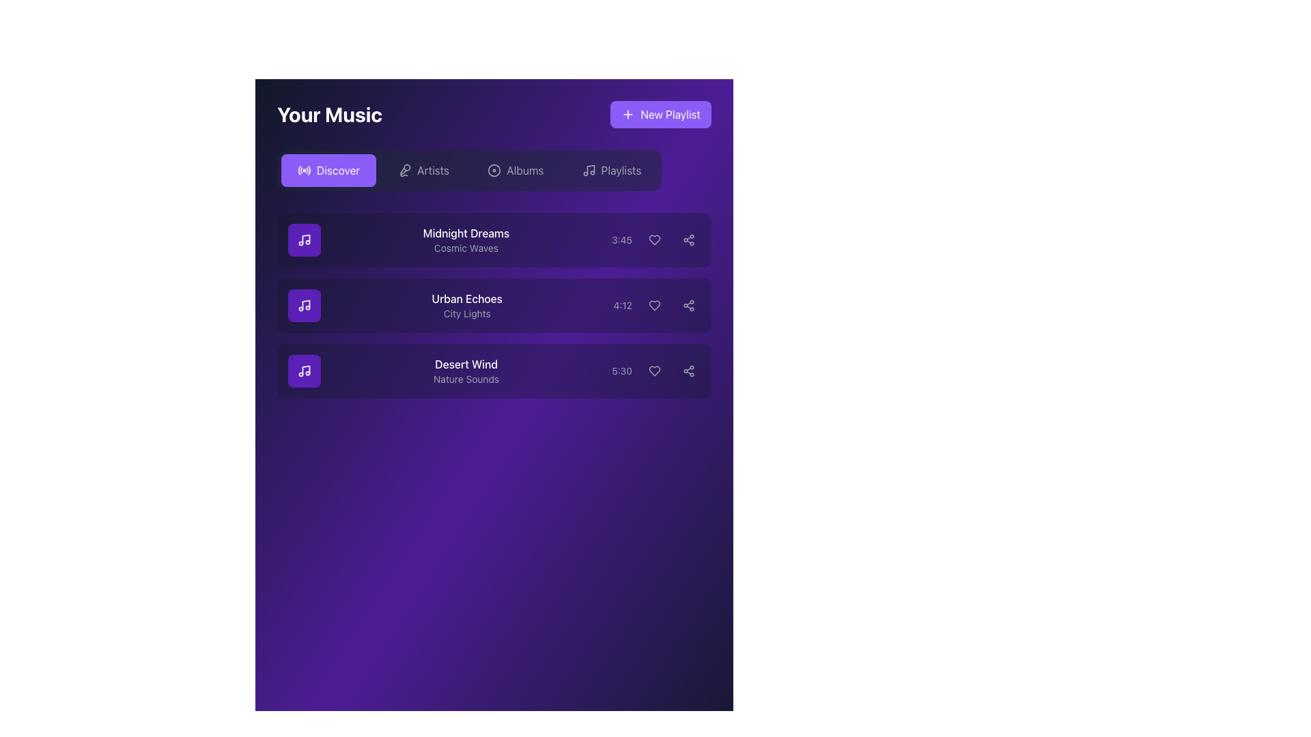  I want to click on the 'Artists' icon located in the top navigation bar, positioned between 'Discover' and 'Albums', to enhance usability through visual association, so click(404, 170).